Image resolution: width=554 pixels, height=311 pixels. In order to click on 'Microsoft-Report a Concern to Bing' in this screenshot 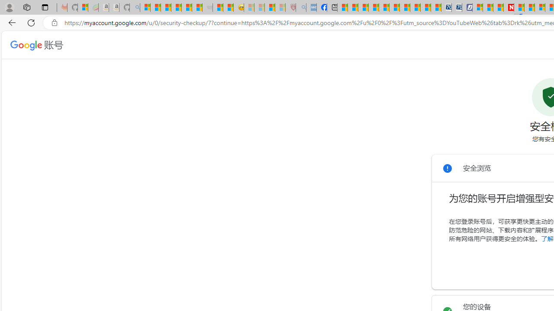, I will do `click(83, 7)`.